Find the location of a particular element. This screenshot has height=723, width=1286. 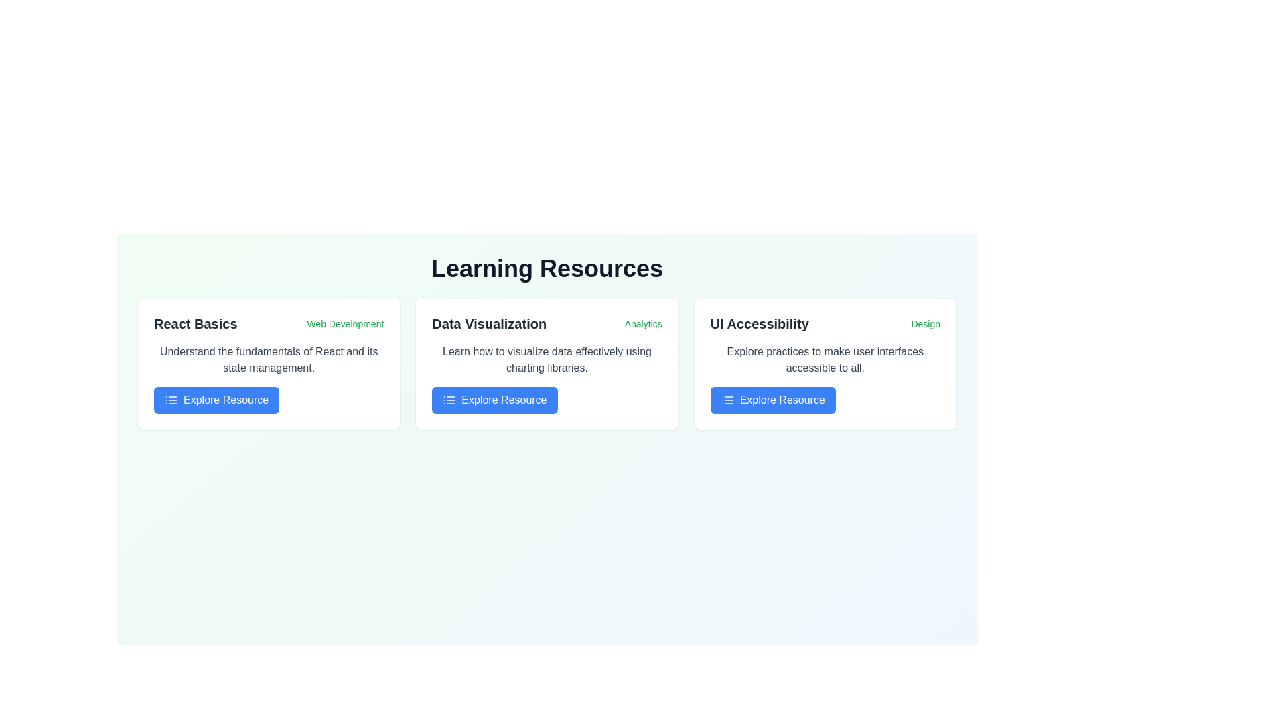

text label located in the upper-right corner of the first card element in the resource grid, adjacent to the title 'React Basics' is located at coordinates (345, 323).